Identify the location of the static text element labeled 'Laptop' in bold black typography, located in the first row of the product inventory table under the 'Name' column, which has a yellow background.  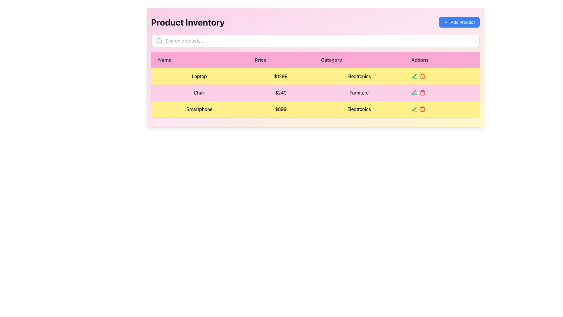
(199, 76).